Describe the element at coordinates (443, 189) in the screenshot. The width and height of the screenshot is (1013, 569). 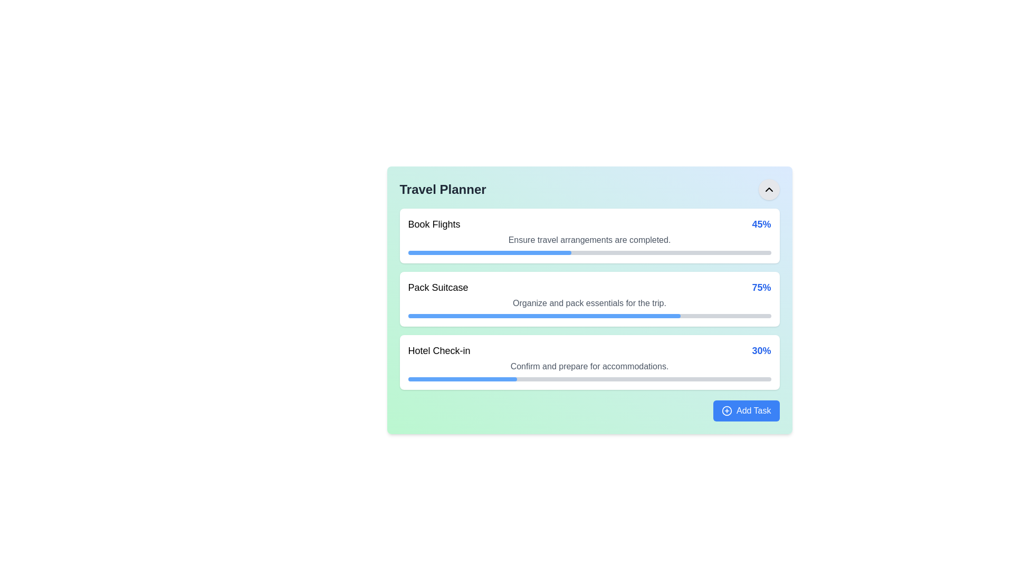
I see `text from the header Text Label that indicates the purpose of the content below it` at that location.